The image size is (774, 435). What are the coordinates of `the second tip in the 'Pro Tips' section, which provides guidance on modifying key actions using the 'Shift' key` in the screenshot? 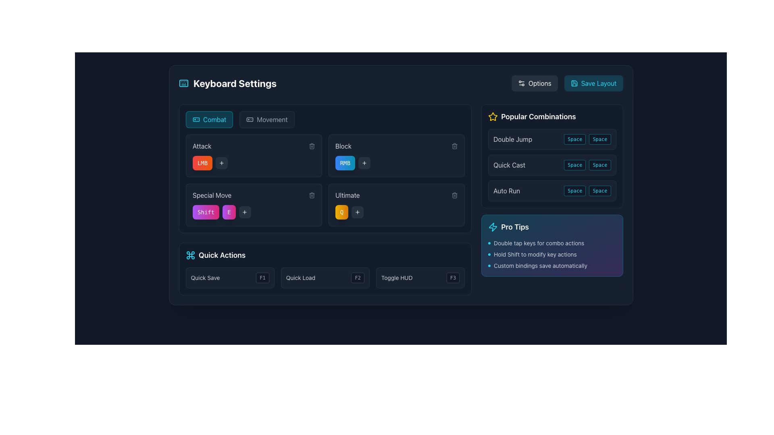 It's located at (551, 255).